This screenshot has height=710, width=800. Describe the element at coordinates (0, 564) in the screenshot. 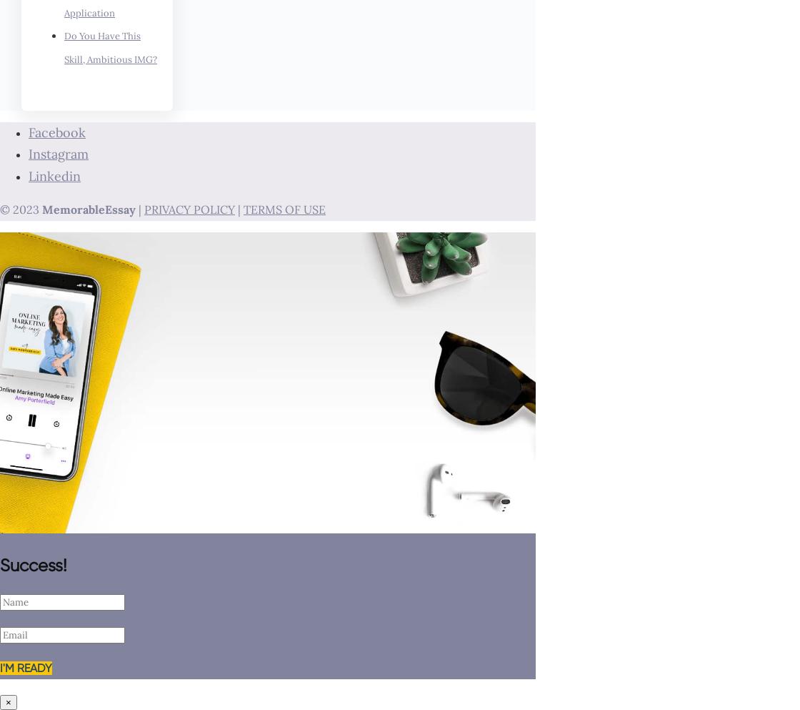

I see `'Success!'` at that location.